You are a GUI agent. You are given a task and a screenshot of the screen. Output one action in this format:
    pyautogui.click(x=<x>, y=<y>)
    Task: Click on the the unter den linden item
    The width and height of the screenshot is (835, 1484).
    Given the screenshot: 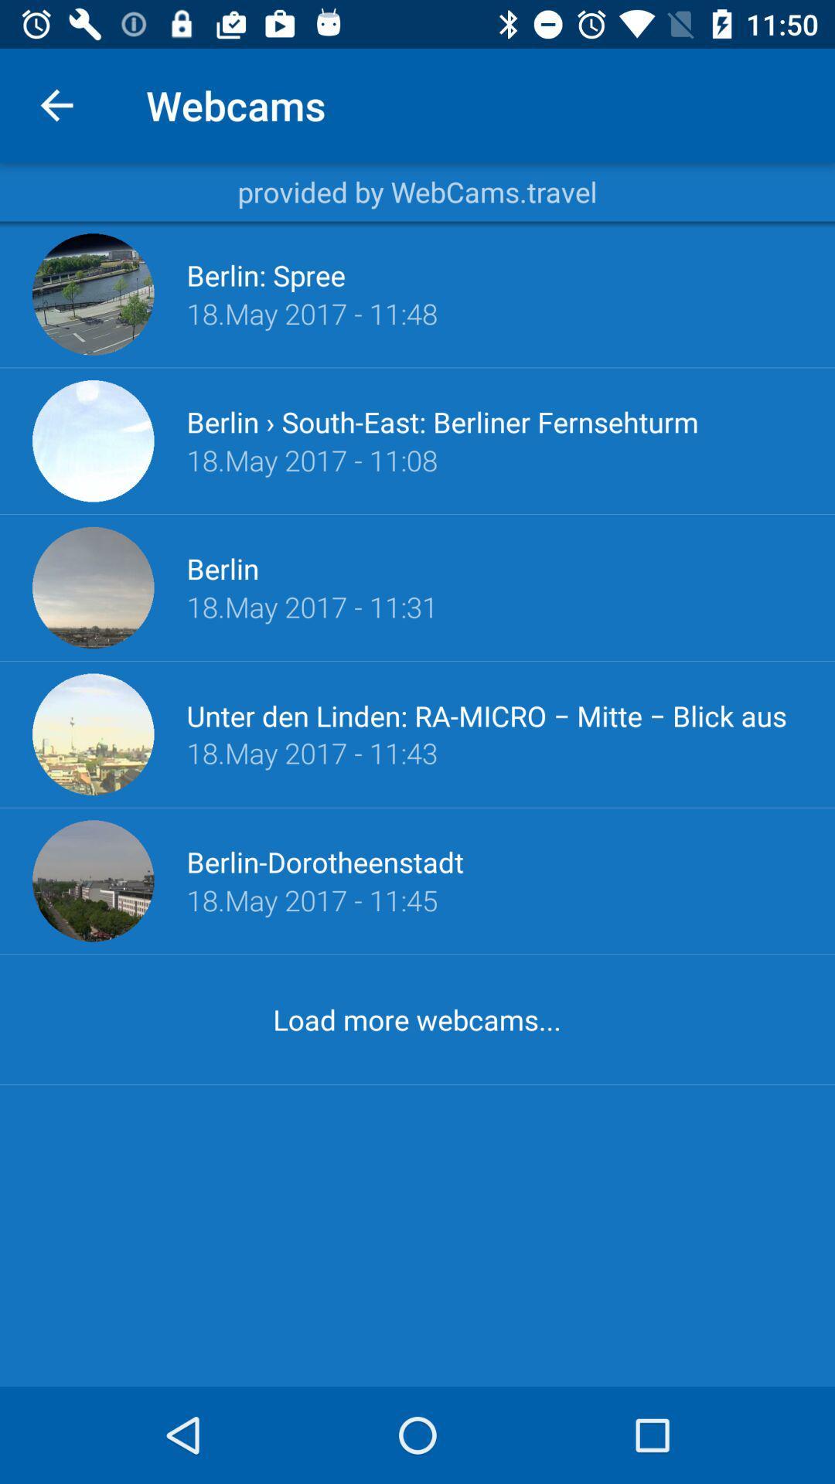 What is the action you would take?
    pyautogui.click(x=494, y=714)
    